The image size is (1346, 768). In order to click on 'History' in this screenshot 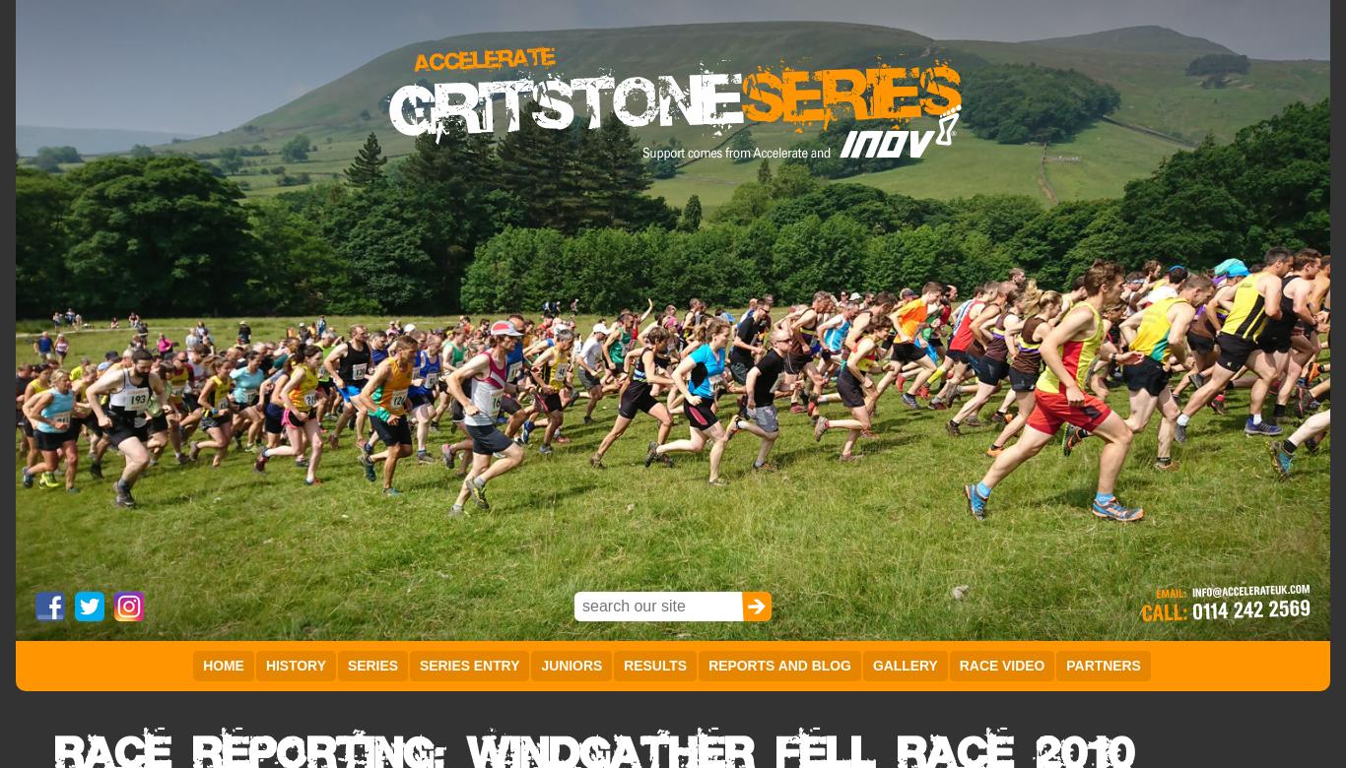, I will do `click(295, 665)`.